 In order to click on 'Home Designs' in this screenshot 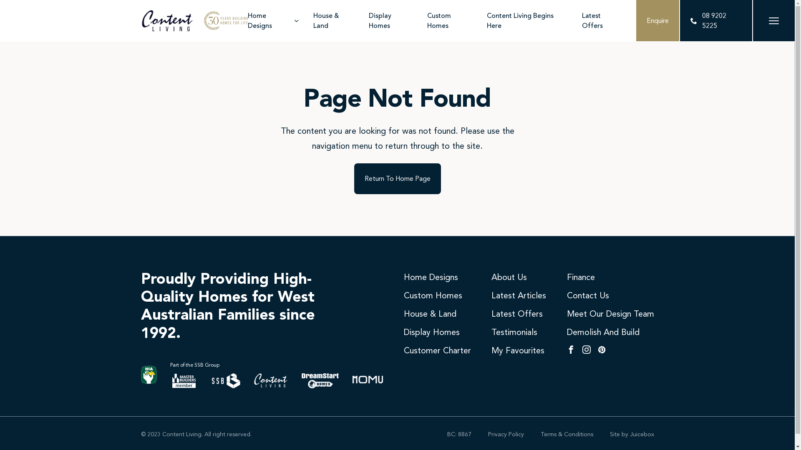, I will do `click(431, 277)`.